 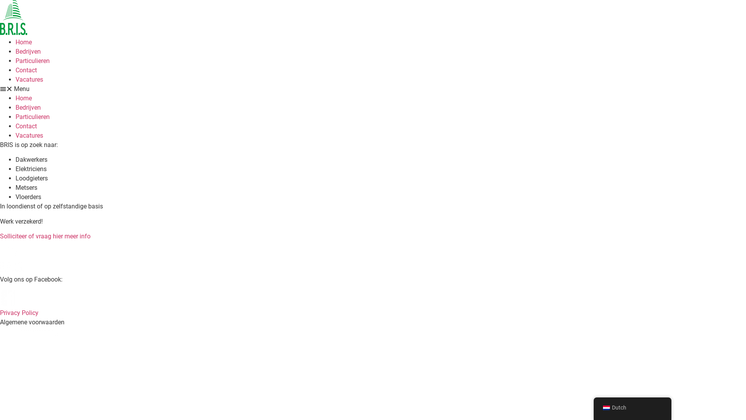 What do you see at coordinates (31, 322) in the screenshot?
I see `'Algemene voorwaarden'` at bounding box center [31, 322].